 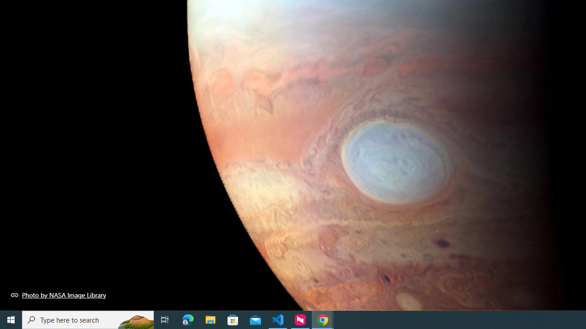 What do you see at coordinates (323, 319) in the screenshot?
I see `'Google Chrome - 2 running windows'` at bounding box center [323, 319].